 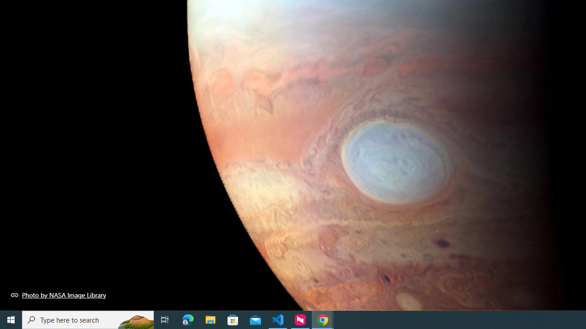 What do you see at coordinates (323, 319) in the screenshot?
I see `'Google Chrome - 2 running windows'` at bounding box center [323, 319].